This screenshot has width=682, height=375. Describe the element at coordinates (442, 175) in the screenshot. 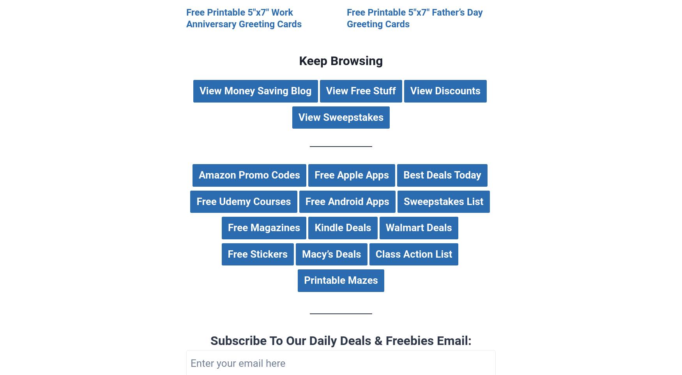

I see `'Best Deals Today'` at that location.